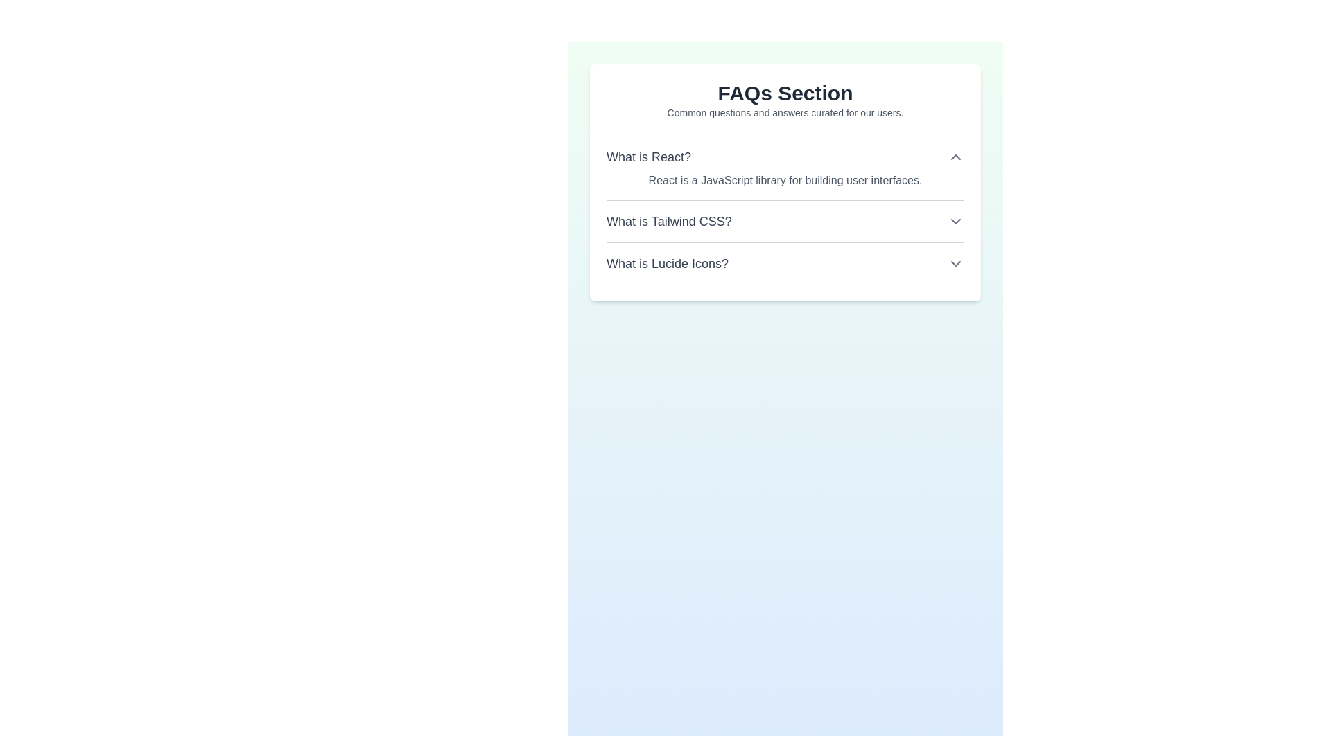 The width and height of the screenshot is (1331, 748). What do you see at coordinates (955, 157) in the screenshot?
I see `the chevron icon used for expanding or collapsing the details of the 'What is React?' question in the FAQs Section, positioned towards the right side of the question` at bounding box center [955, 157].